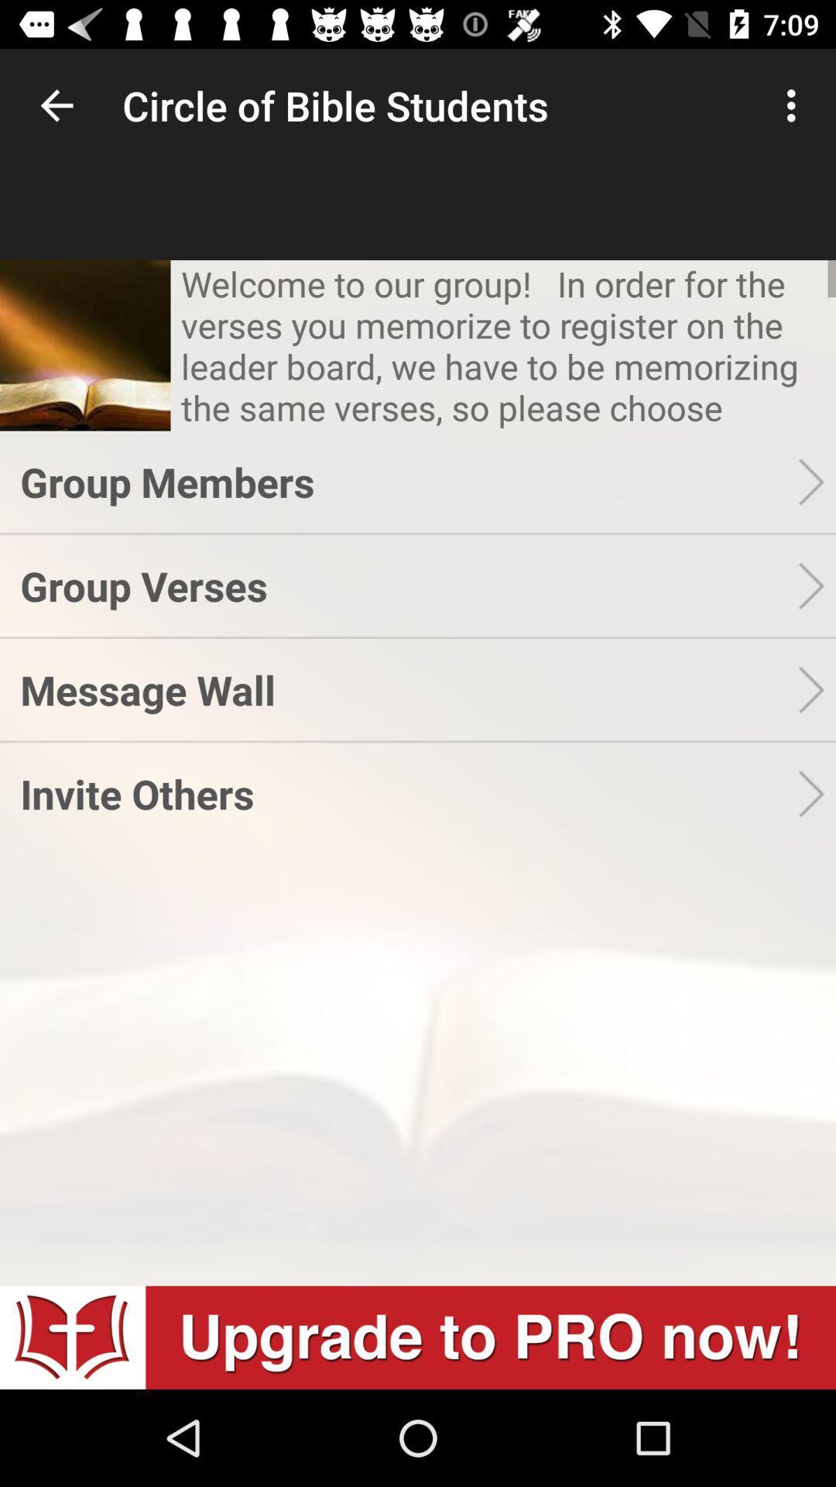  Describe the element at coordinates (408, 689) in the screenshot. I see `the message wall app` at that location.